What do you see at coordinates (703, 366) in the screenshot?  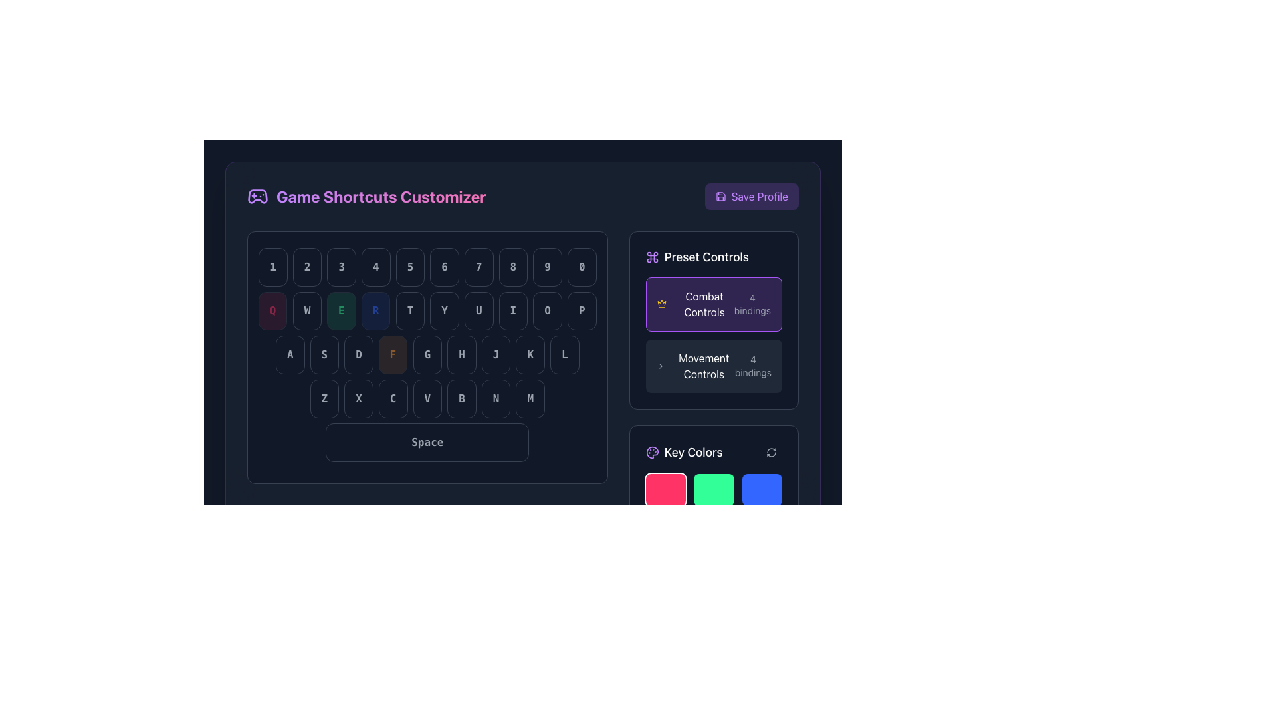 I see `the text label reading 'Movement Controls' located in the right panel of the interface, specifically below 'Combat Controls' in the 'Preset Controls' section` at bounding box center [703, 366].